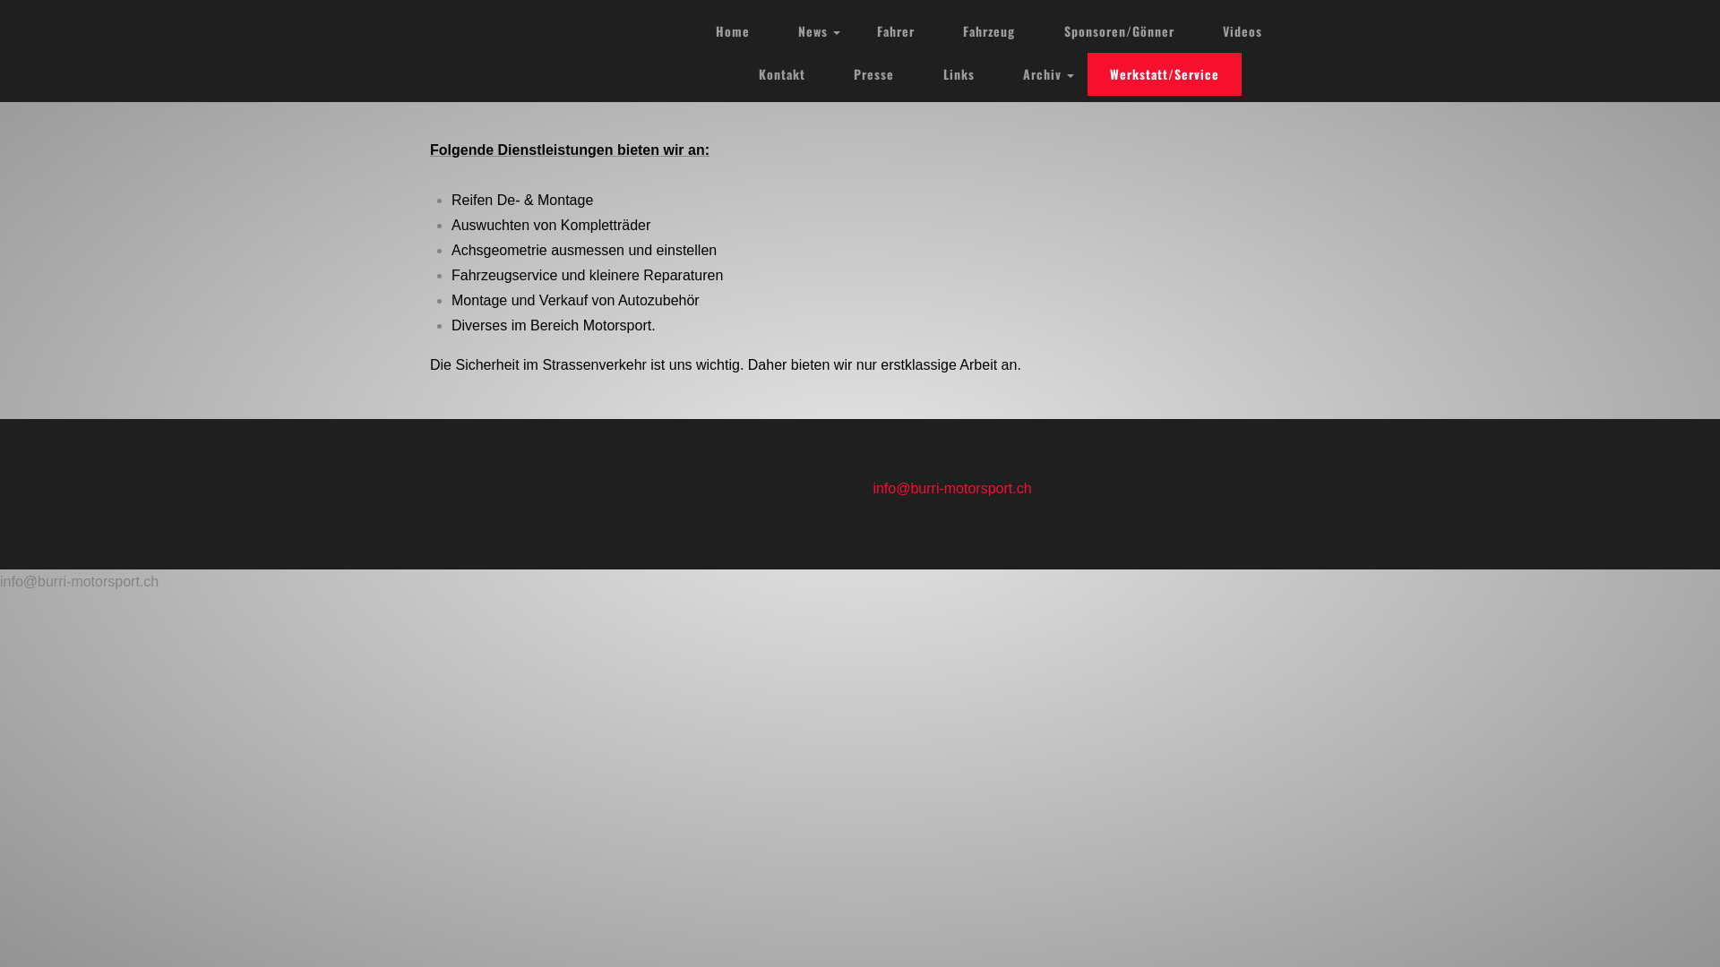 The image size is (1720, 967). What do you see at coordinates (1242, 30) in the screenshot?
I see `'Videos'` at bounding box center [1242, 30].